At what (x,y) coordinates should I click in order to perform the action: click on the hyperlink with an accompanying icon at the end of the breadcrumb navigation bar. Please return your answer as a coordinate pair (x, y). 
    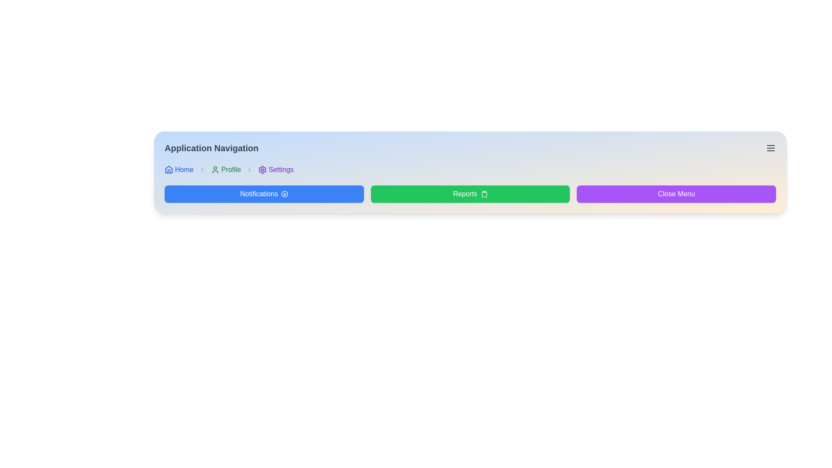
    Looking at the image, I should click on (275, 170).